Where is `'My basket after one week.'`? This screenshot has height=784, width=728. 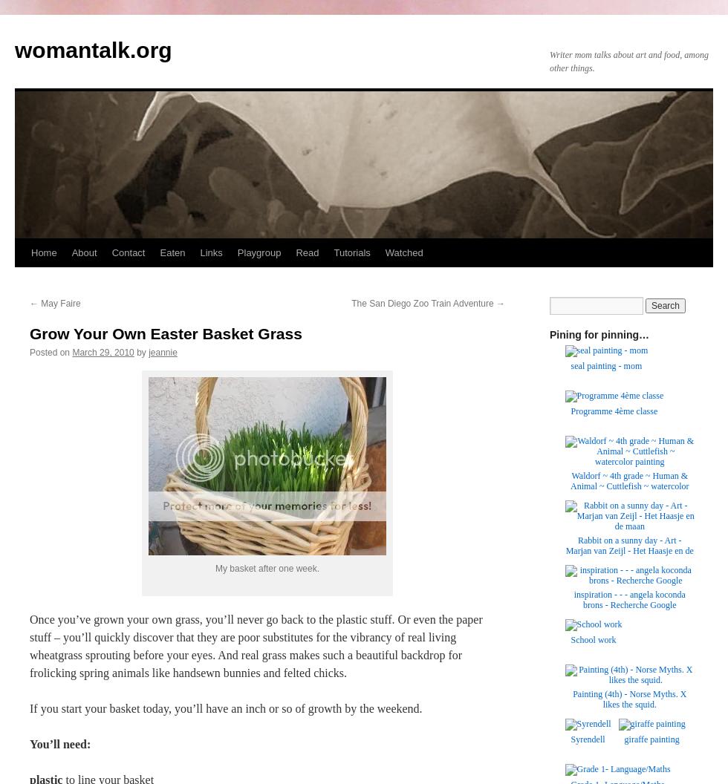
'My basket after one week.' is located at coordinates (267, 568).